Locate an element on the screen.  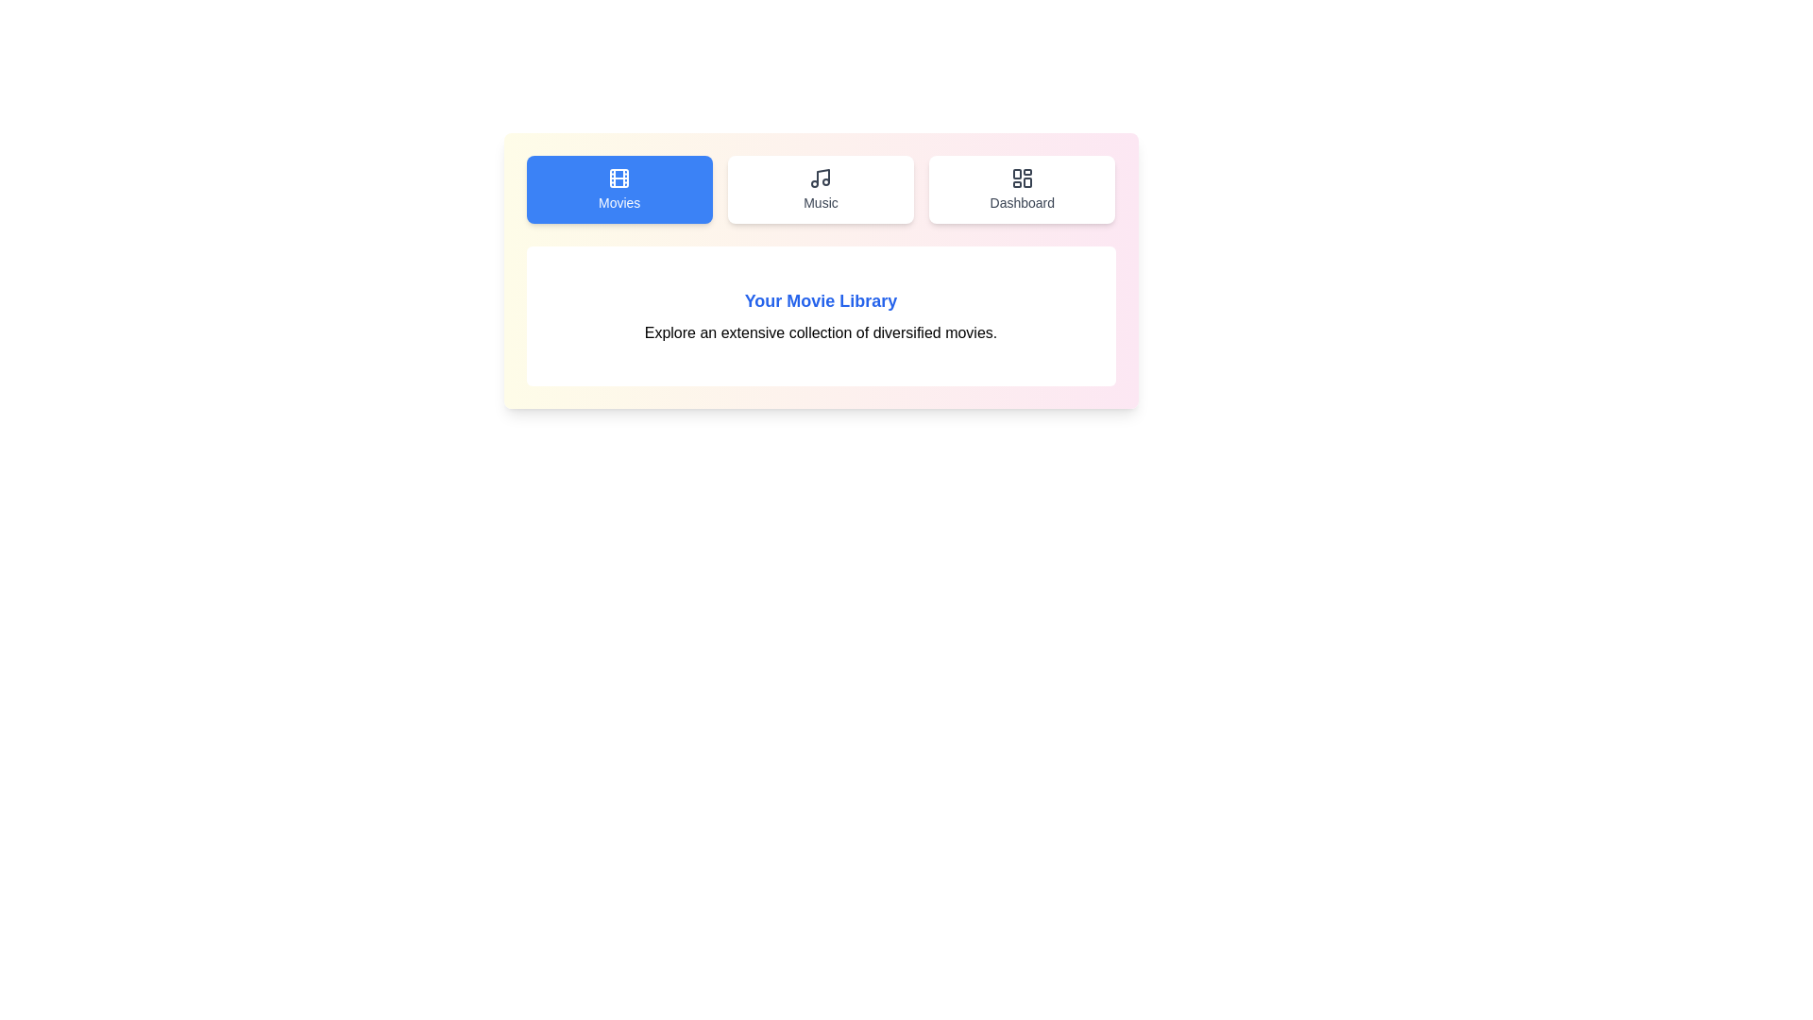
the Music tab to inspect its visual elements is located at coordinates (820, 189).